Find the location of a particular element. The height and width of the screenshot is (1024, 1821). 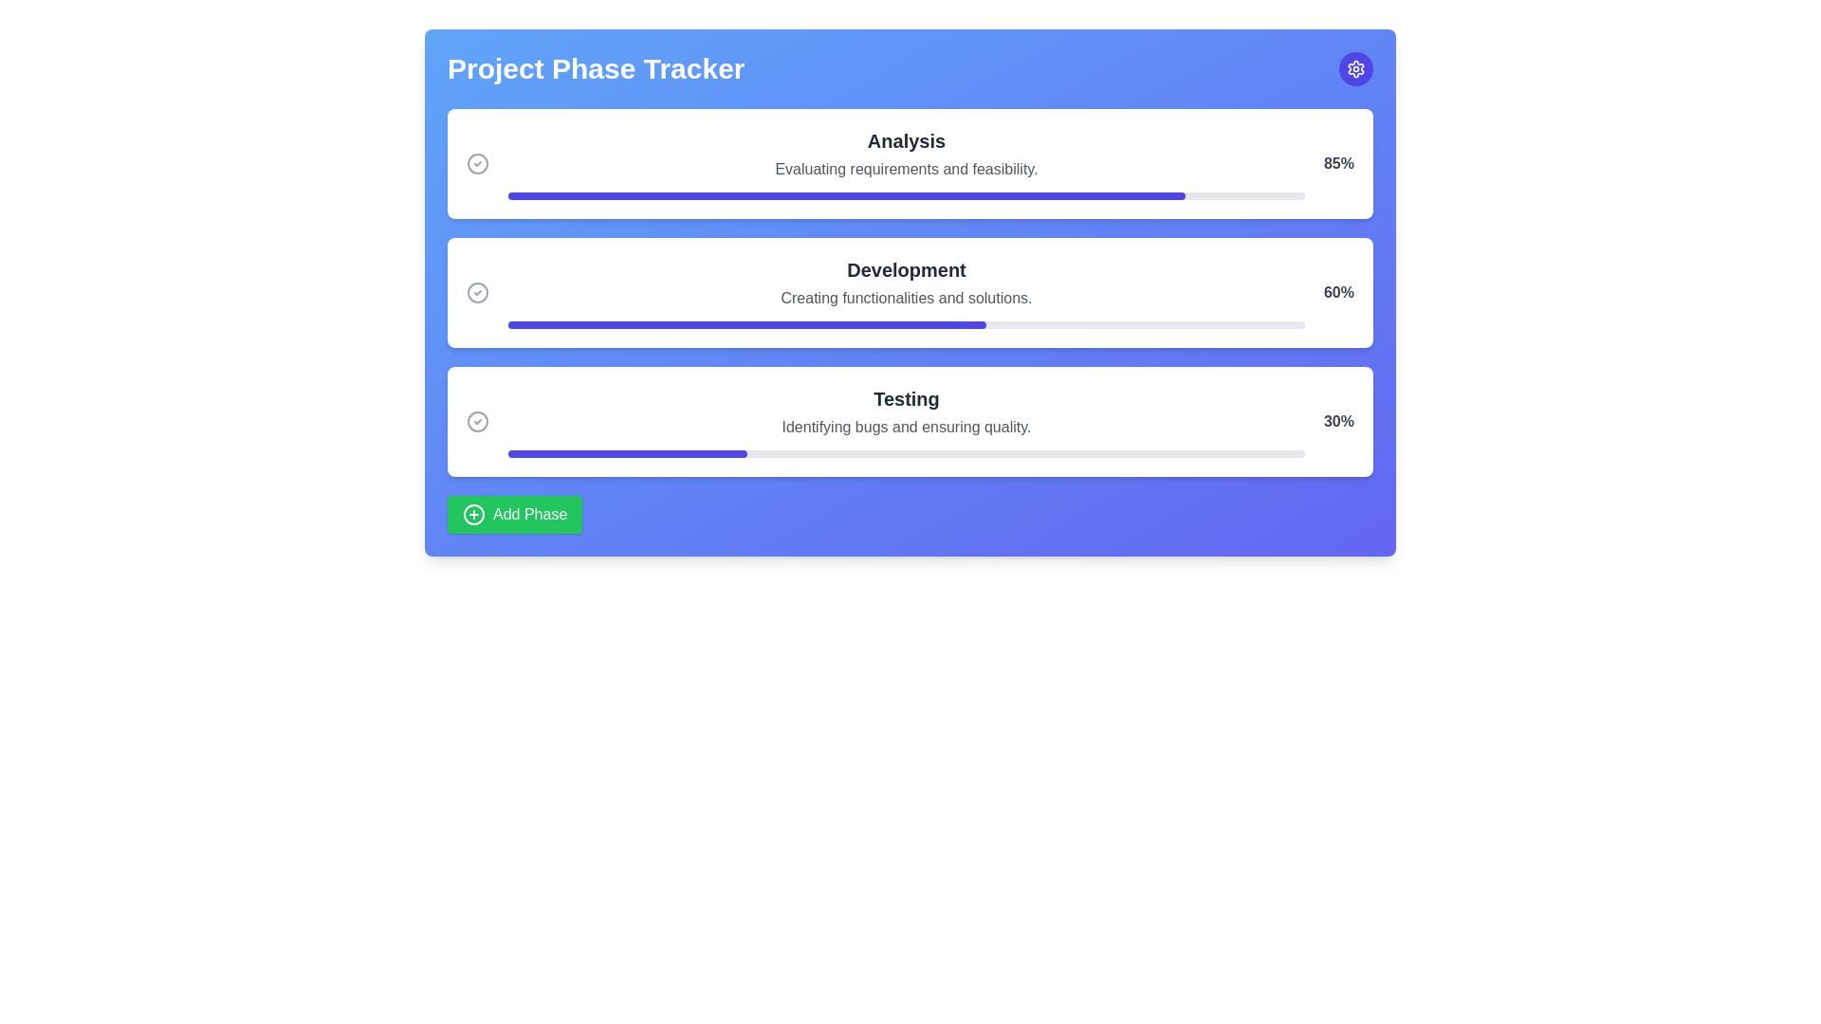

the text label that provides a description for the 'Analysis' step in the project progression tracker, located below the 'Analysis' heading and above the progress bar is located at coordinates (905, 168).